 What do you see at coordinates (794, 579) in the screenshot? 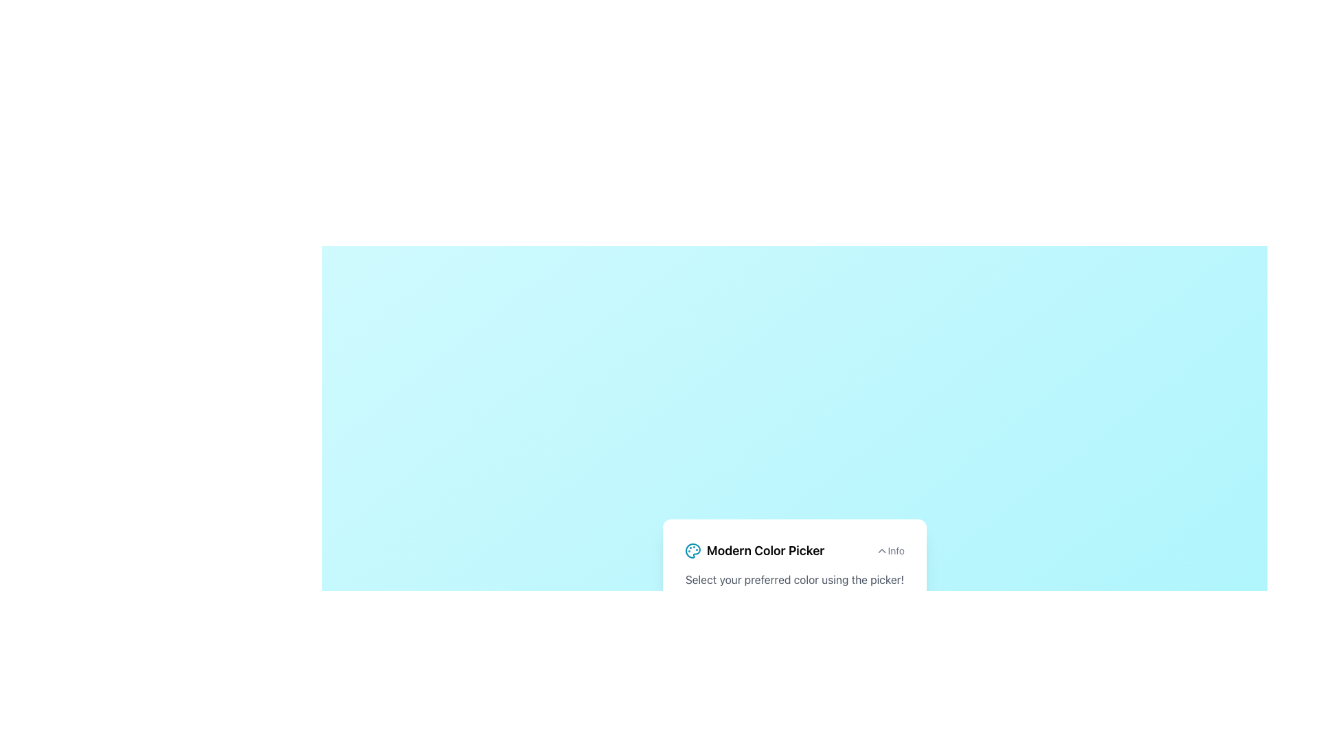
I see `the instruction text element located directly below the 'Modern Color Picker' title, which provides guidance for using the color picker feature` at bounding box center [794, 579].